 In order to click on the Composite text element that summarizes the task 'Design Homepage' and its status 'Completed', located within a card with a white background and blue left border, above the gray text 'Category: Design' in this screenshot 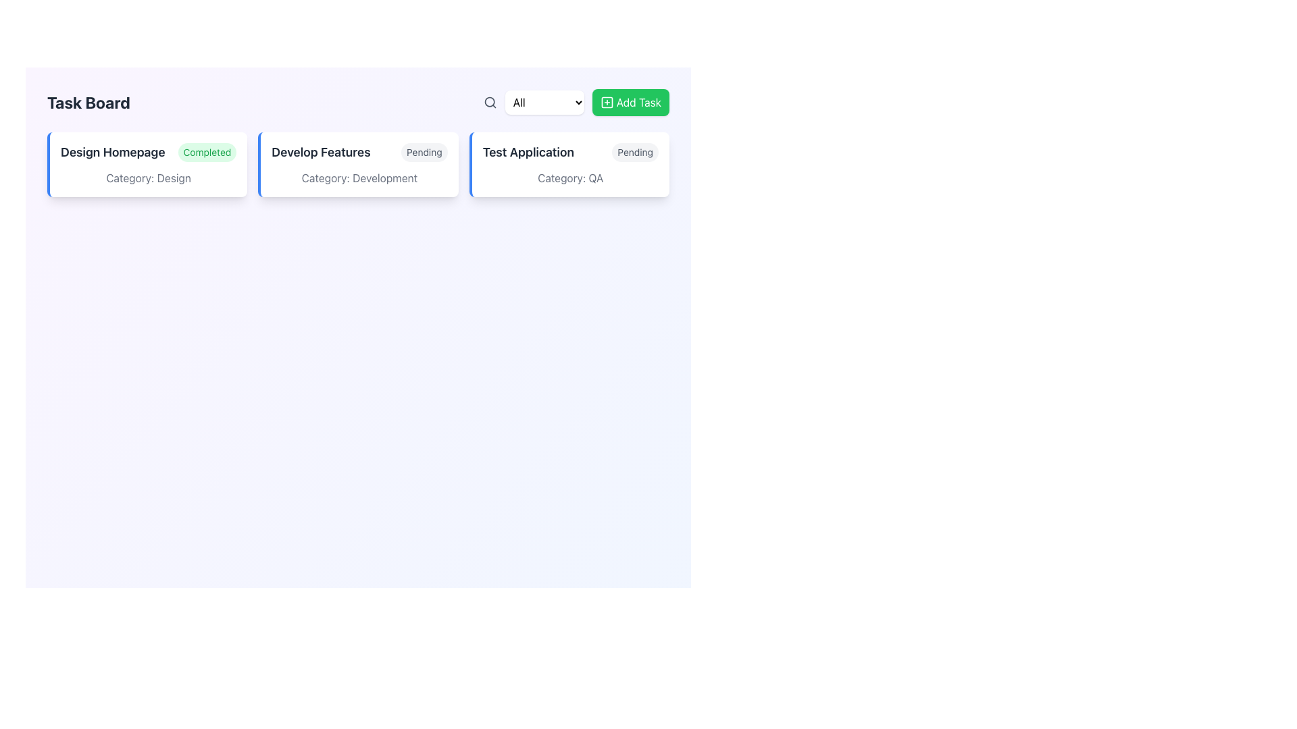, I will do `click(149, 152)`.